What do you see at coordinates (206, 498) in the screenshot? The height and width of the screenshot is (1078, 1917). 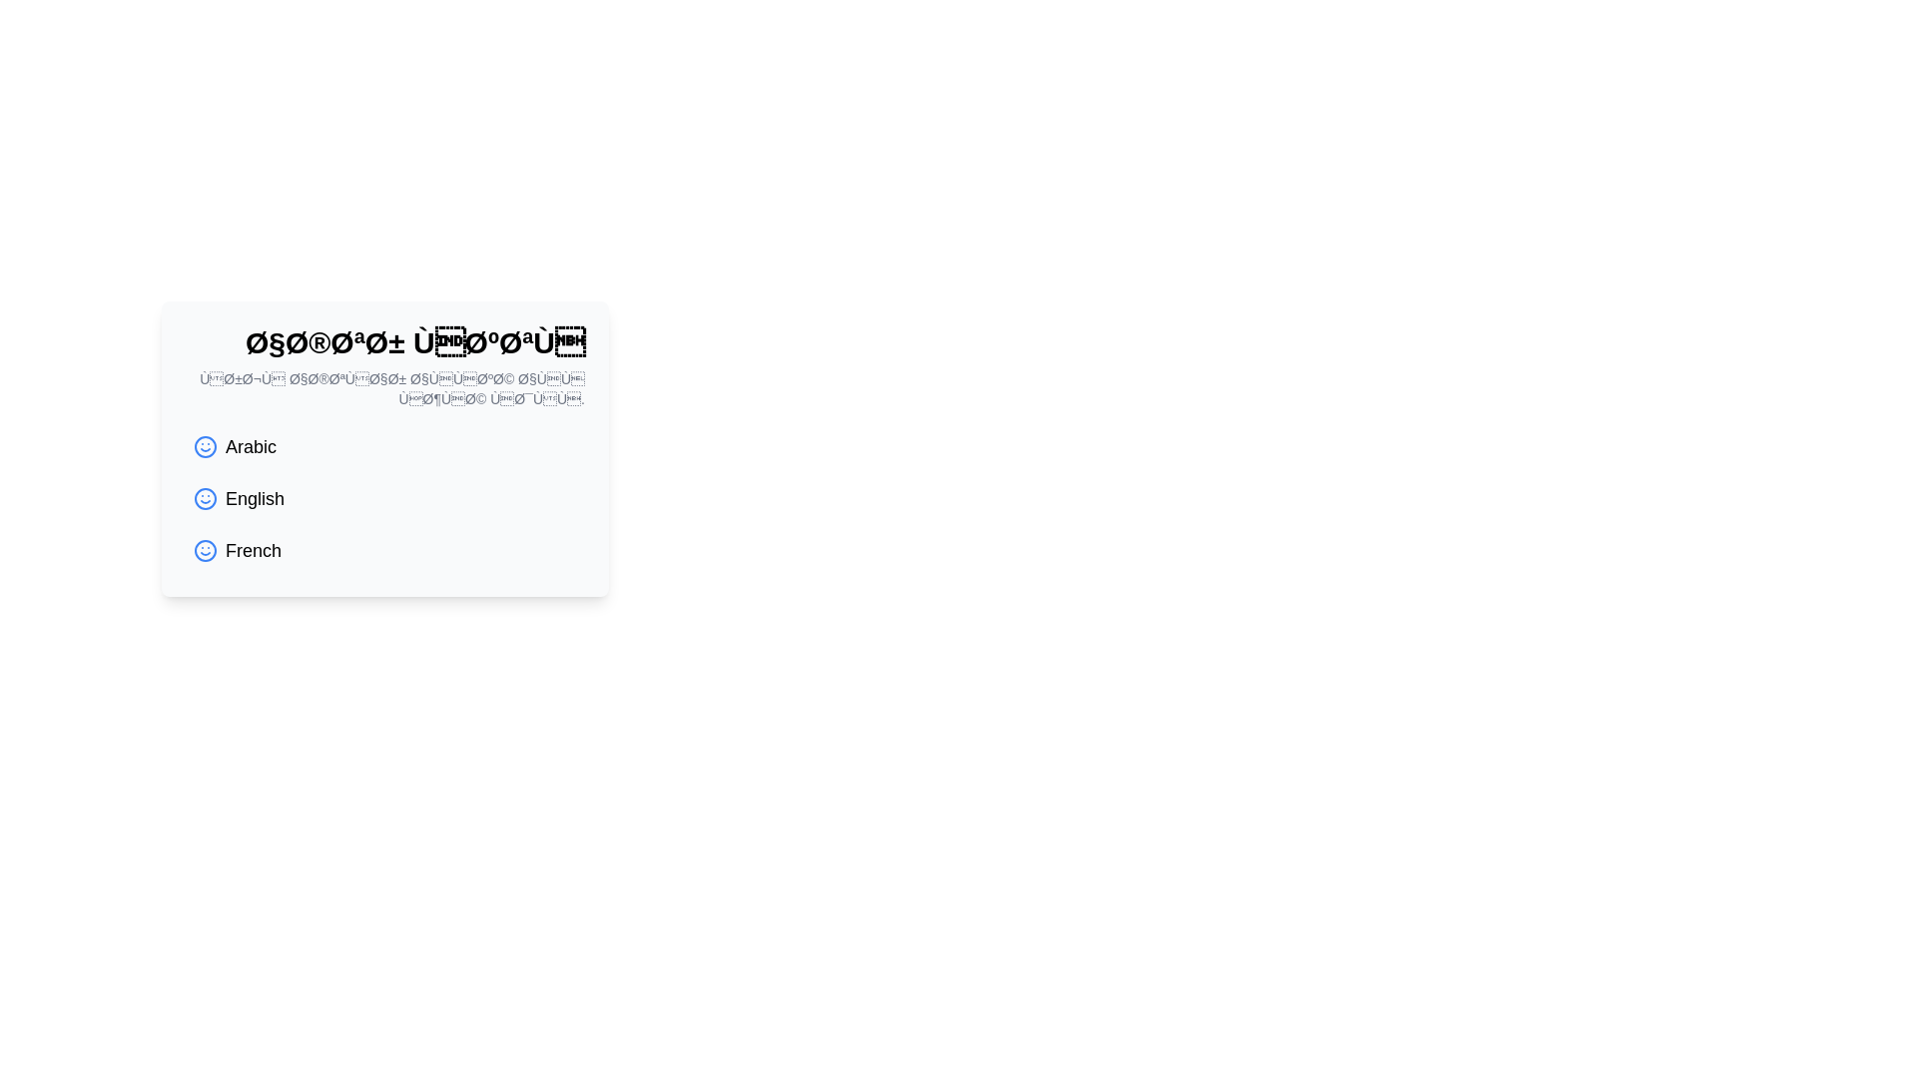 I see `the decorative circle within the smiley face icon representing the 'English' language choice` at bounding box center [206, 498].